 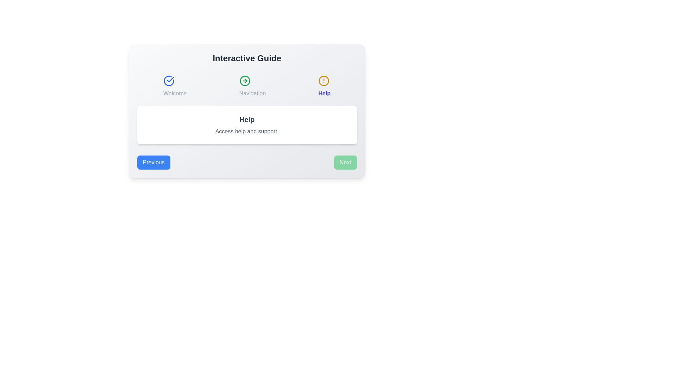 What do you see at coordinates (252, 93) in the screenshot?
I see `the Text Label that describes the adjacent green circular arrow icon, located in the top-central part of the interface` at bounding box center [252, 93].